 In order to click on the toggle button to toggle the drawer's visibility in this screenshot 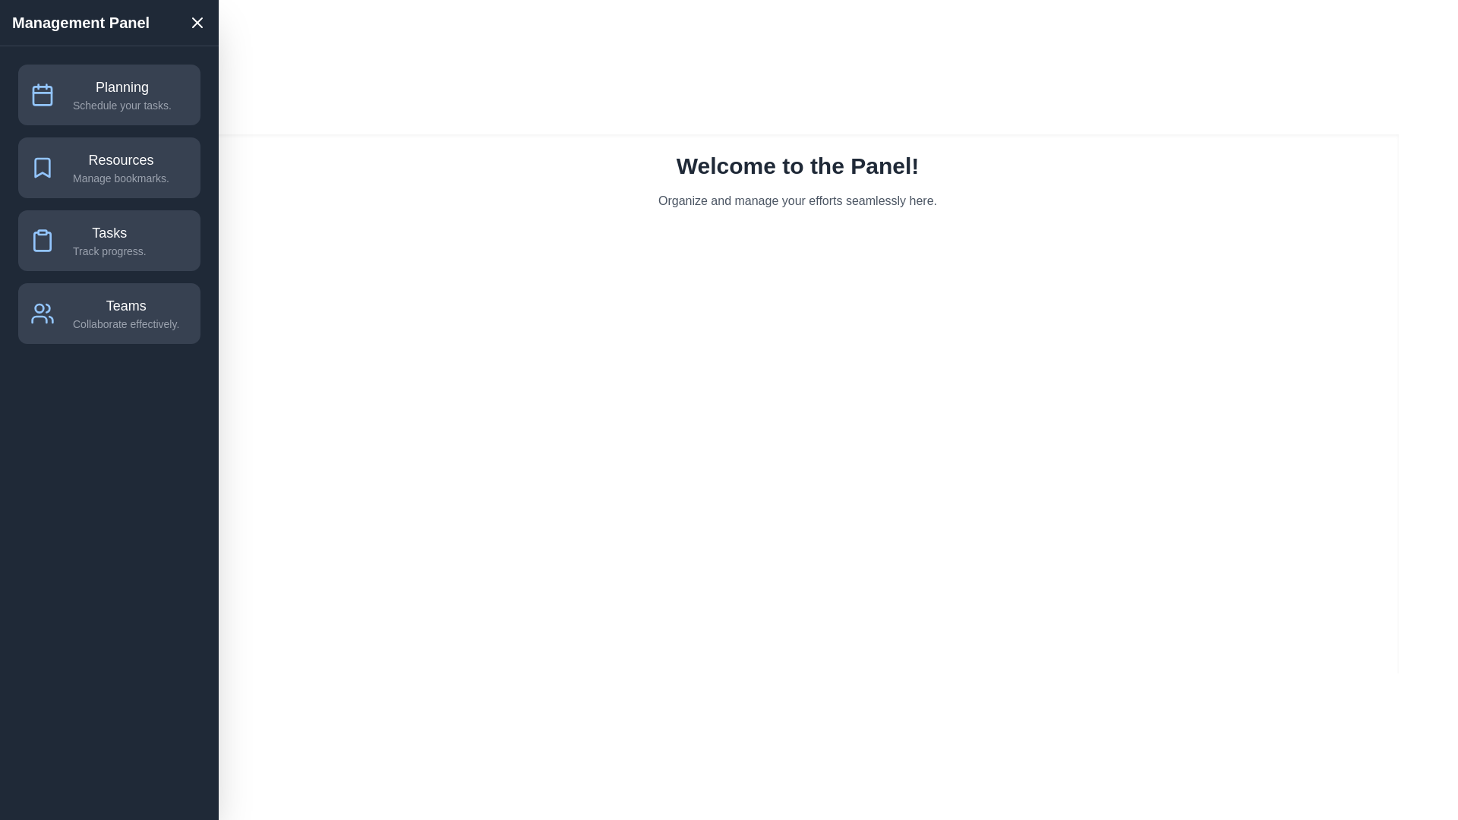, I will do `click(163, 544)`.